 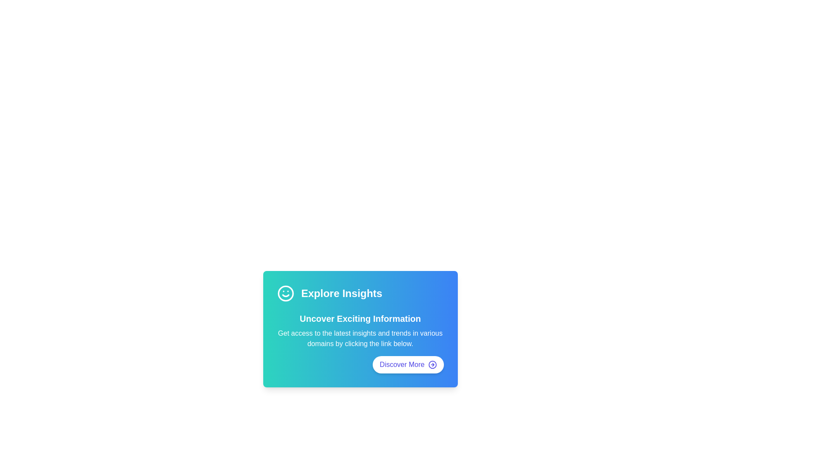 I want to click on informational Text block located within the card below the 'Explore Insights' header and above the 'Discover More' button, so click(x=360, y=331).